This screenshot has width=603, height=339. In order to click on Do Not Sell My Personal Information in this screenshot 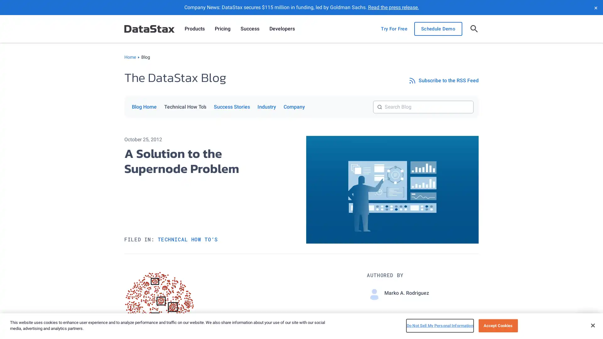, I will do `click(439, 325)`.